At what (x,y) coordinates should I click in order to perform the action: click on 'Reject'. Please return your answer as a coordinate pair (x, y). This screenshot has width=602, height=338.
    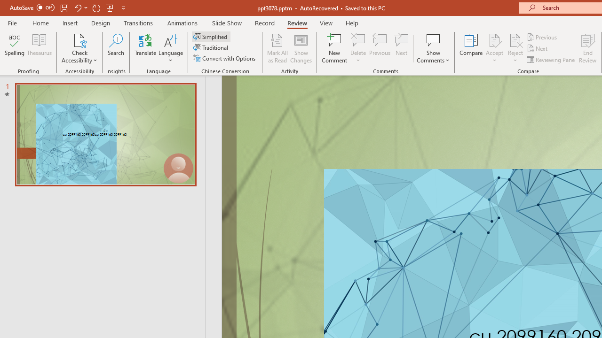
    Looking at the image, I should click on (515, 48).